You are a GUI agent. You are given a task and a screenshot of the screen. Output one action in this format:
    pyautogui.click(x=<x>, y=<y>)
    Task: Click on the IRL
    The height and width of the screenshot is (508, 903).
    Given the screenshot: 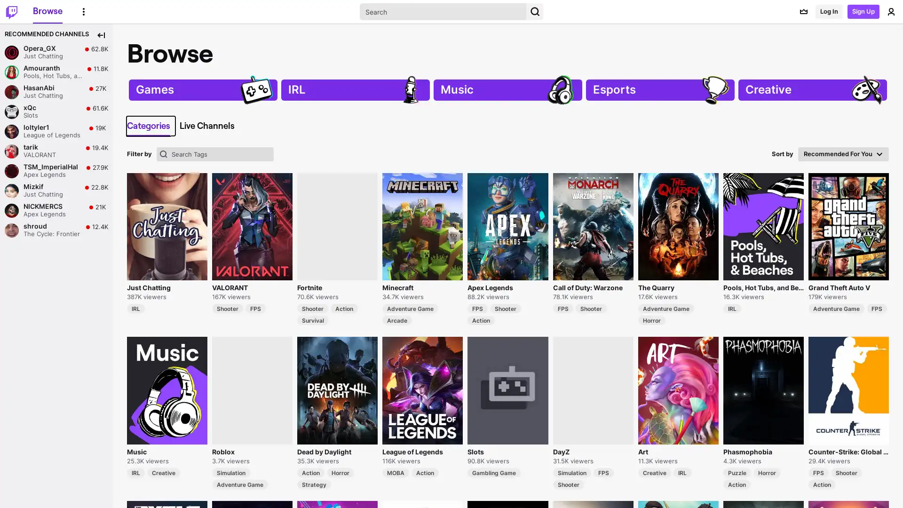 What is the action you would take?
    pyautogui.click(x=731, y=308)
    